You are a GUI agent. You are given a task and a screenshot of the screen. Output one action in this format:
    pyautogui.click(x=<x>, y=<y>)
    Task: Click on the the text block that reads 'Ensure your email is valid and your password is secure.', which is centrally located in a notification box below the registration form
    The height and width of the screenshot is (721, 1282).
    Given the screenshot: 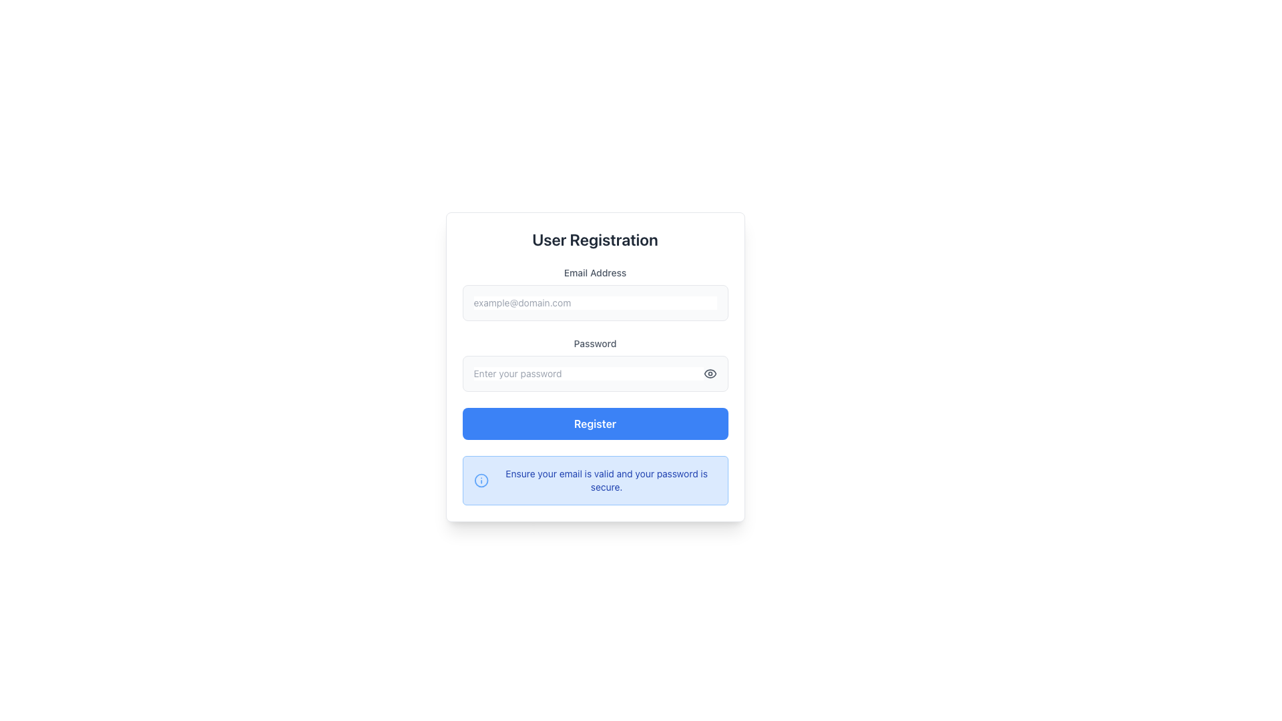 What is the action you would take?
    pyautogui.click(x=606, y=481)
    